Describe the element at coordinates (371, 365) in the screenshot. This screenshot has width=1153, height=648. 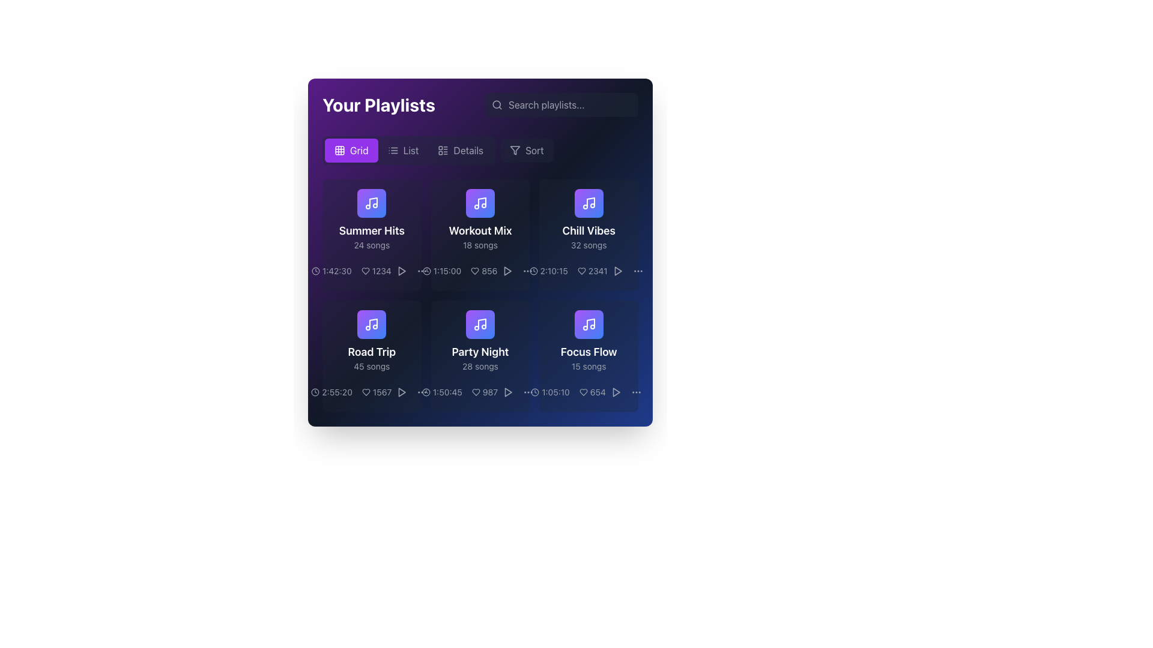
I see `the text label indicating the number of songs in the 'Road Trip' playlist, located in the bottom-left tile of the grid in the 'Your Playlists' section` at that location.